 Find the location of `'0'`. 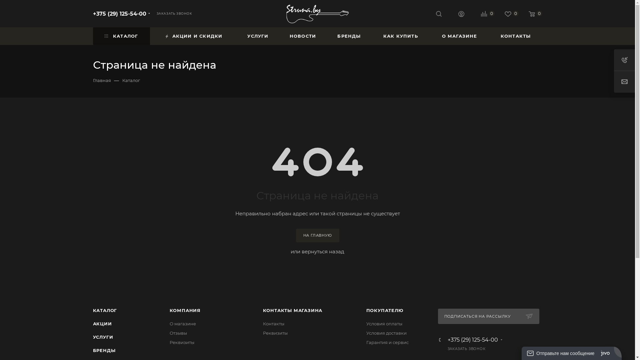

'0' is located at coordinates (482, 14).